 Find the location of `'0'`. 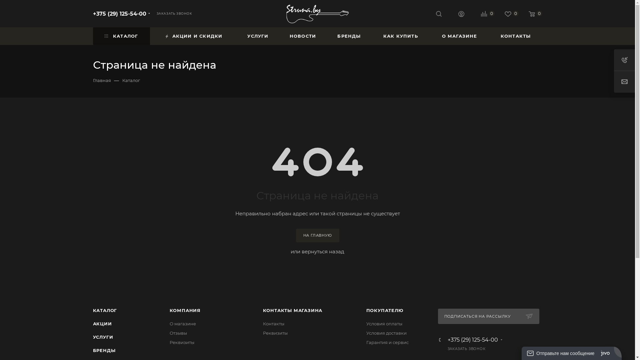

'0' is located at coordinates (482, 14).